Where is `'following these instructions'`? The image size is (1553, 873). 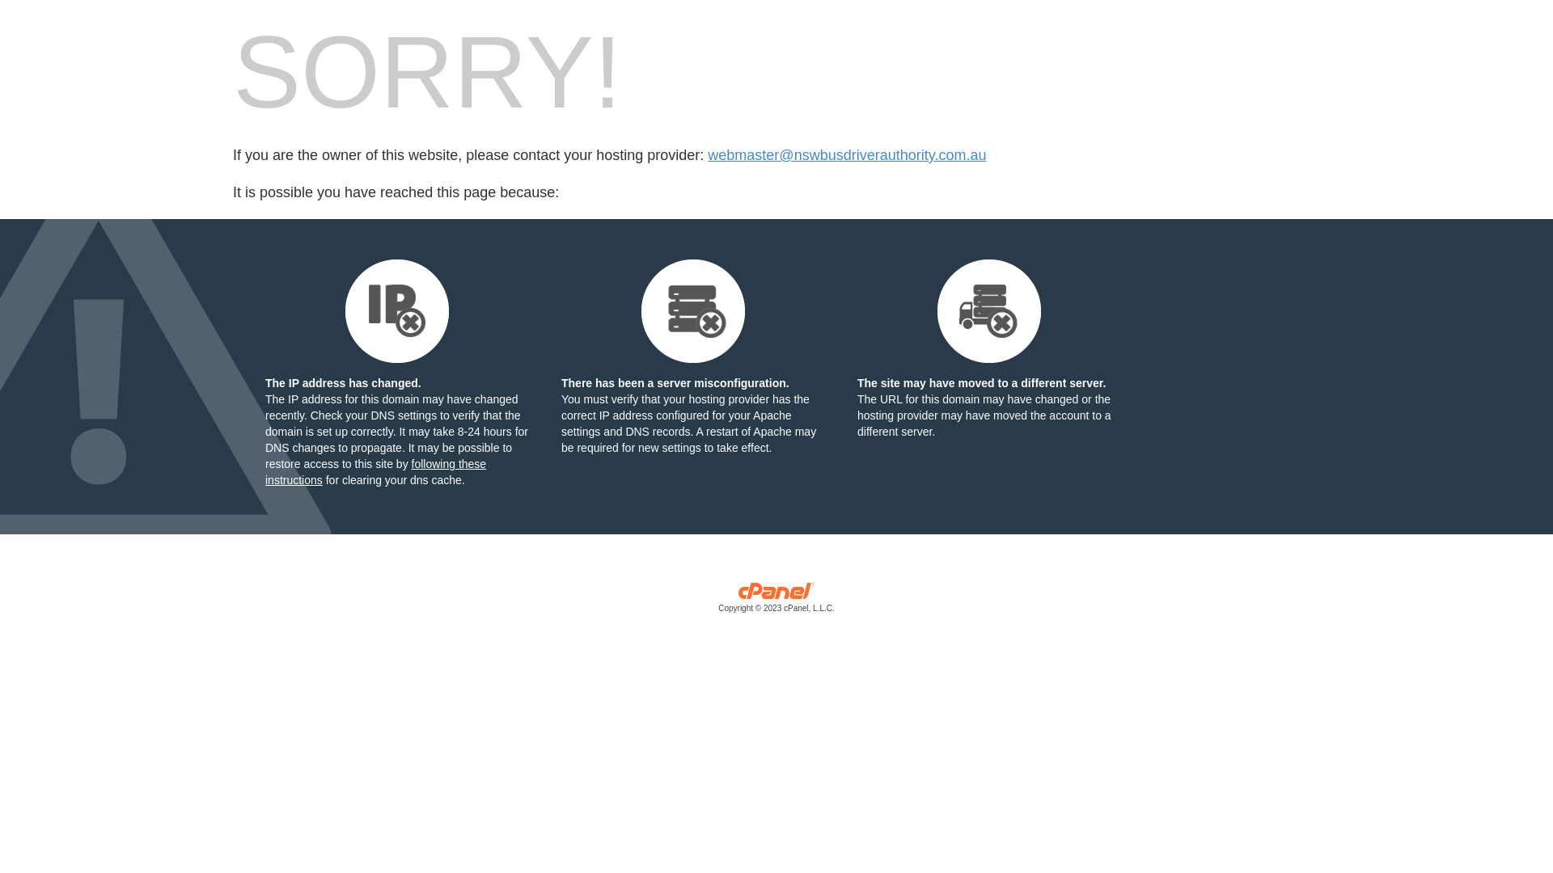
'following these instructions' is located at coordinates (374, 471).